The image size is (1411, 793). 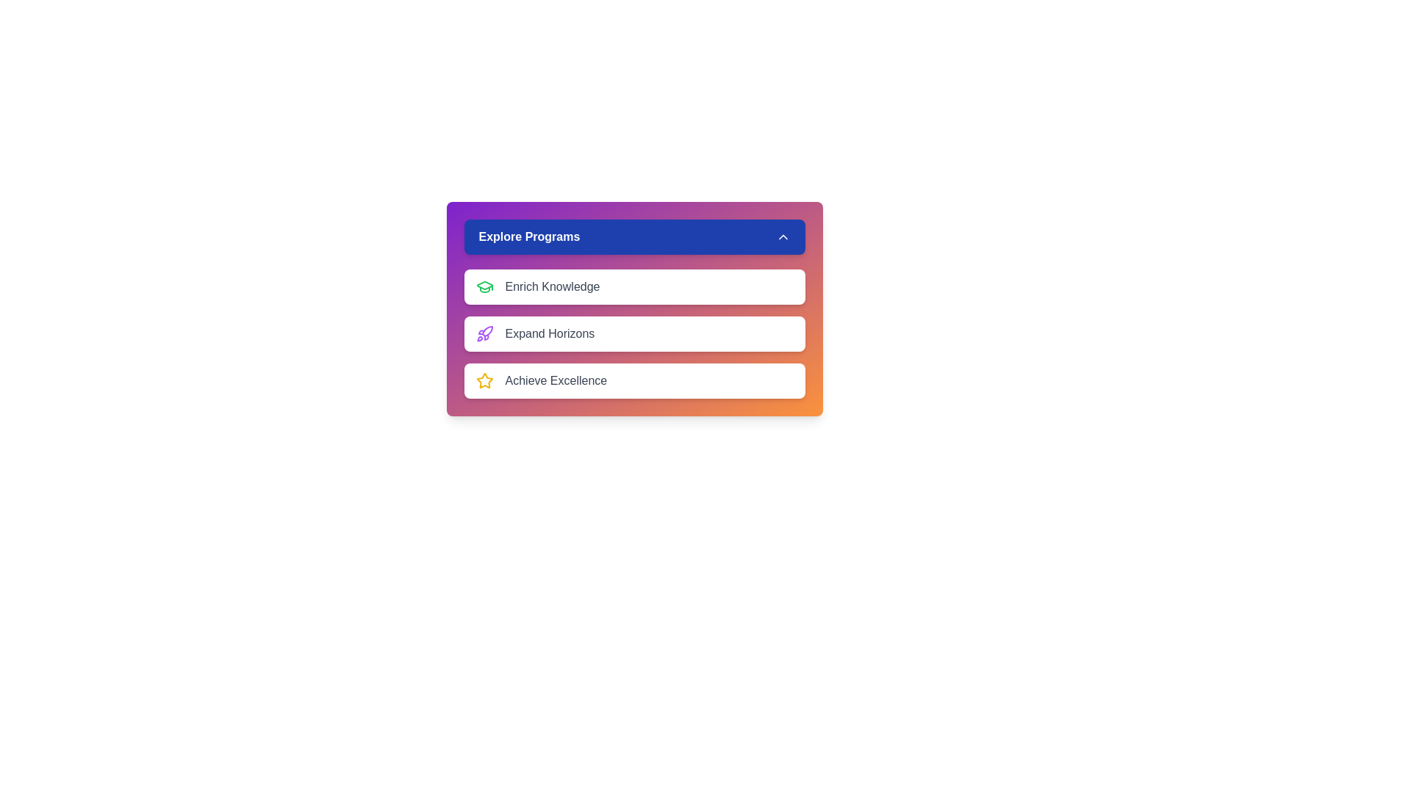 I want to click on the 'Expand Horizons' button, which is the second button in a vertical arrangement between 'Enrich Knowledge' and 'Achieve Excellence', so click(x=634, y=334).